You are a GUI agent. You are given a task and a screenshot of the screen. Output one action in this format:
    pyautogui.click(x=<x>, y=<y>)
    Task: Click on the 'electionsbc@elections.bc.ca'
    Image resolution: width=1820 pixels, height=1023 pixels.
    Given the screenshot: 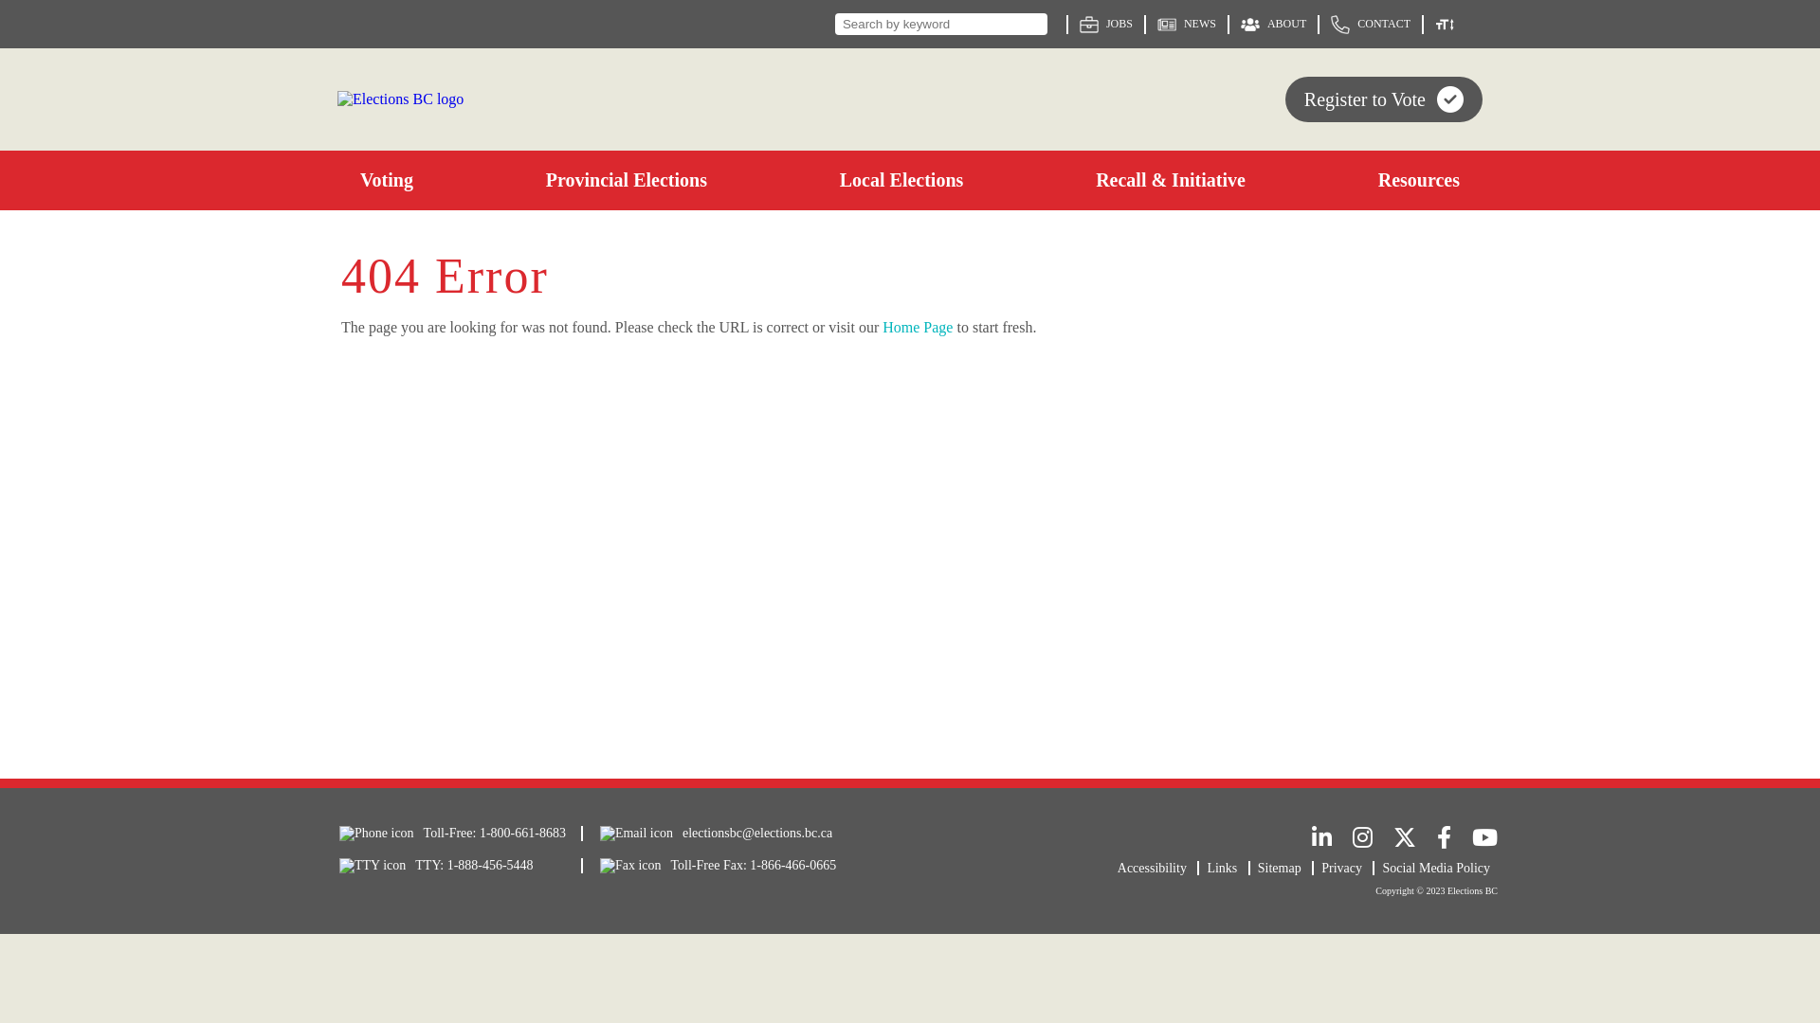 What is the action you would take?
    pyautogui.click(x=707, y=832)
    